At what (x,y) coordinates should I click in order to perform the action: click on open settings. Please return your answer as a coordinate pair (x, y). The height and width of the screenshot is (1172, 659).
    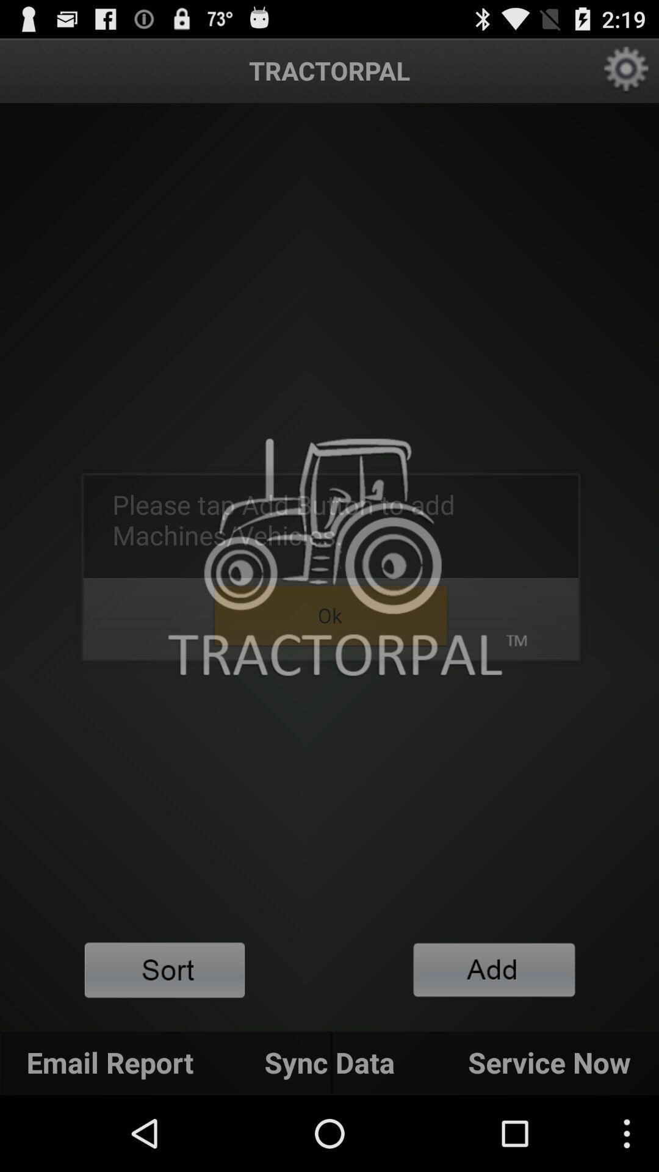
    Looking at the image, I should click on (627, 70).